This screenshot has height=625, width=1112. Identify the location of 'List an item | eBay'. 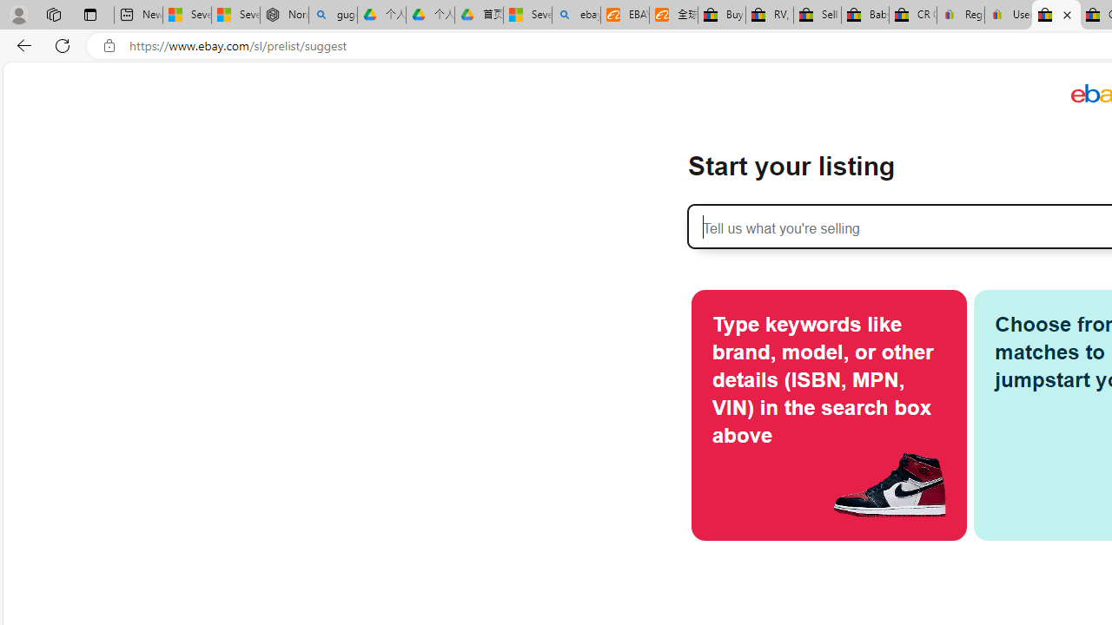
(1056, 15).